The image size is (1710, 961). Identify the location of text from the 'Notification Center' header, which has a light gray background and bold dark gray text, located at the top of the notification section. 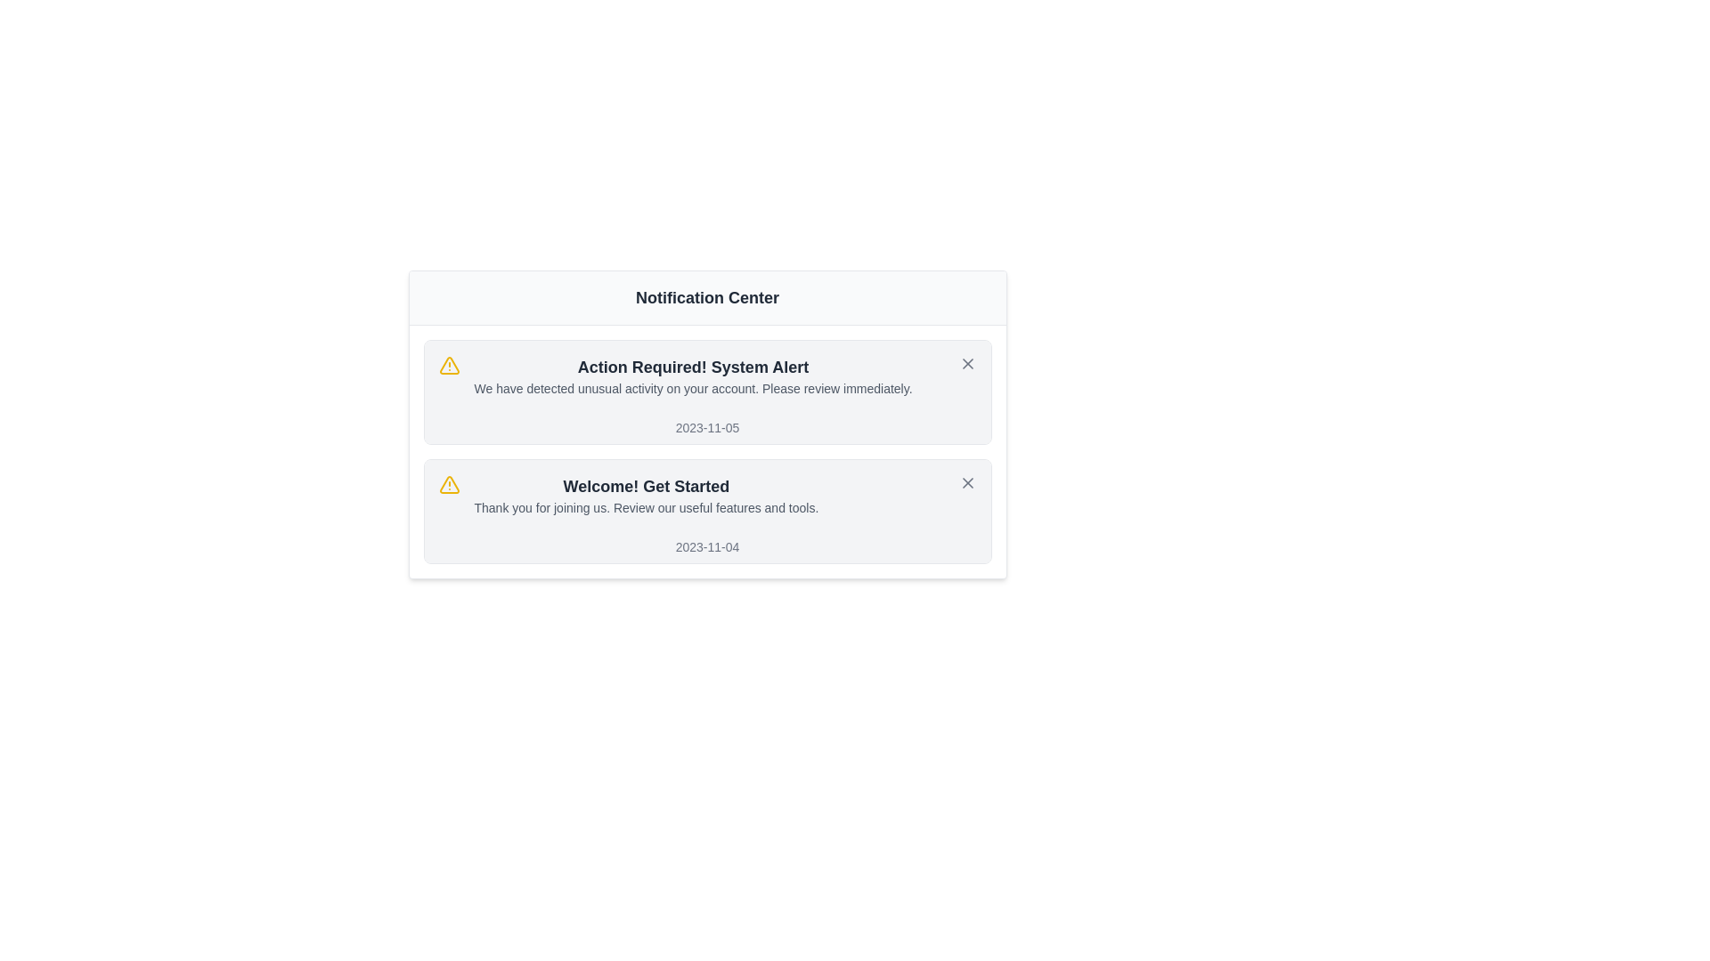
(706, 297).